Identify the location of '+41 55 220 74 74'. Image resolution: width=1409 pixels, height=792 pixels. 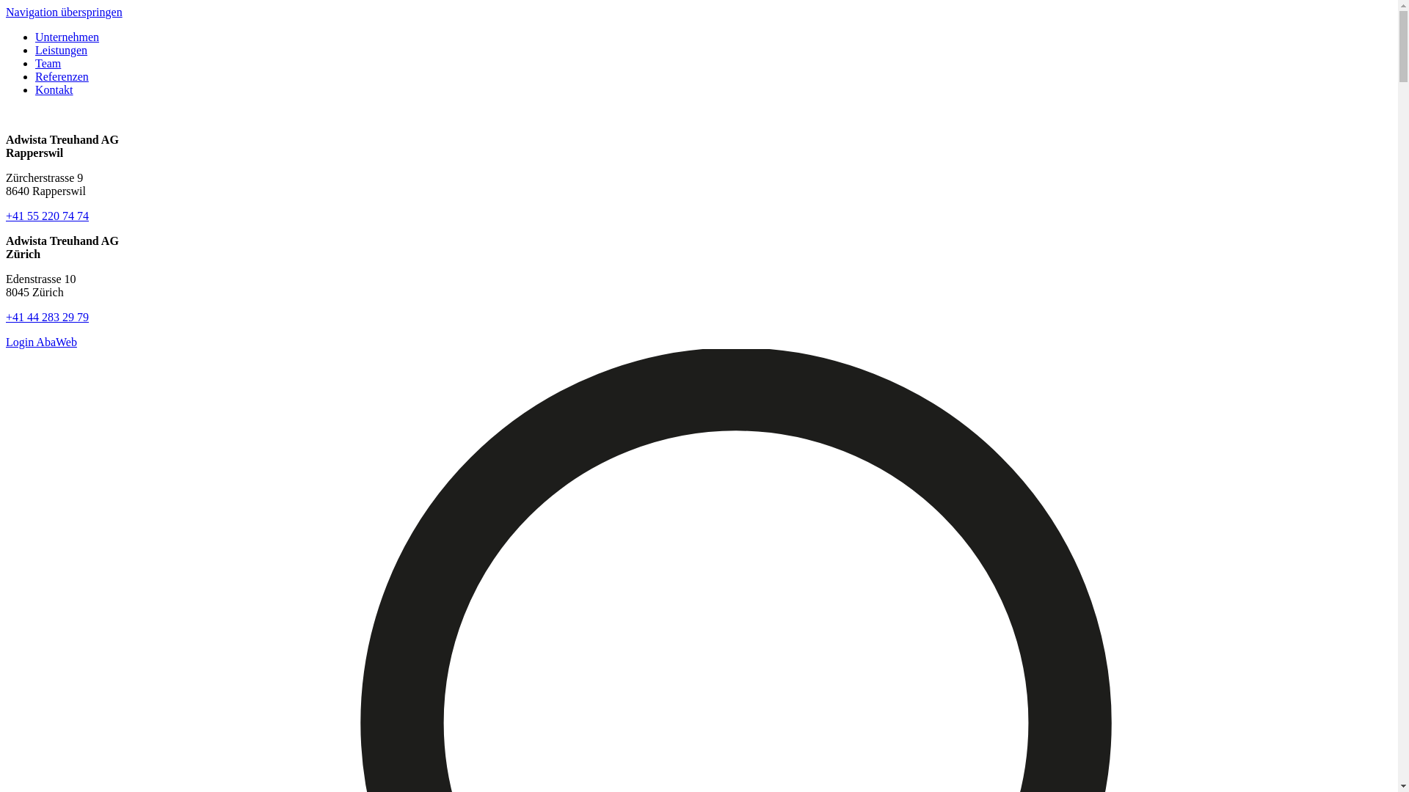
(6, 216).